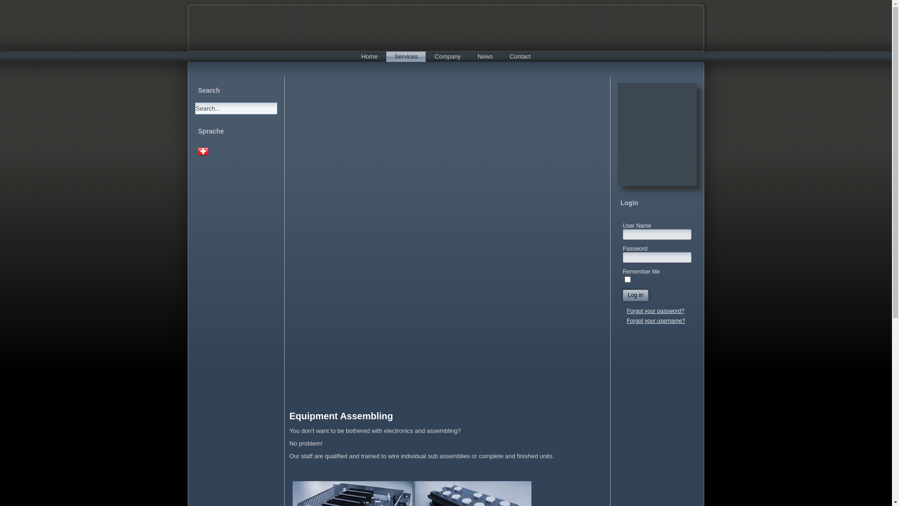  Describe the element at coordinates (635, 295) in the screenshot. I see `'Log in'` at that location.